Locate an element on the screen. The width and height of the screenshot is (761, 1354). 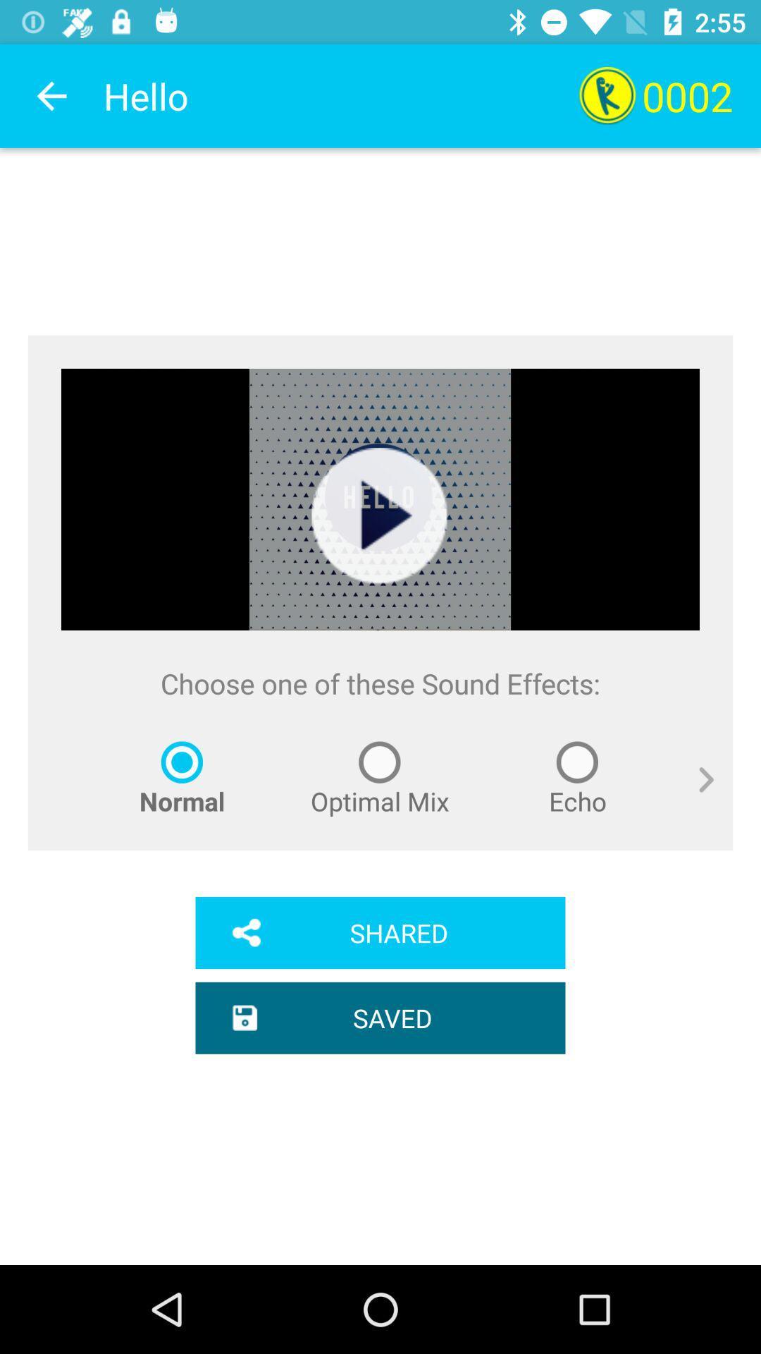
the arrow_forward icon is located at coordinates (695, 795).